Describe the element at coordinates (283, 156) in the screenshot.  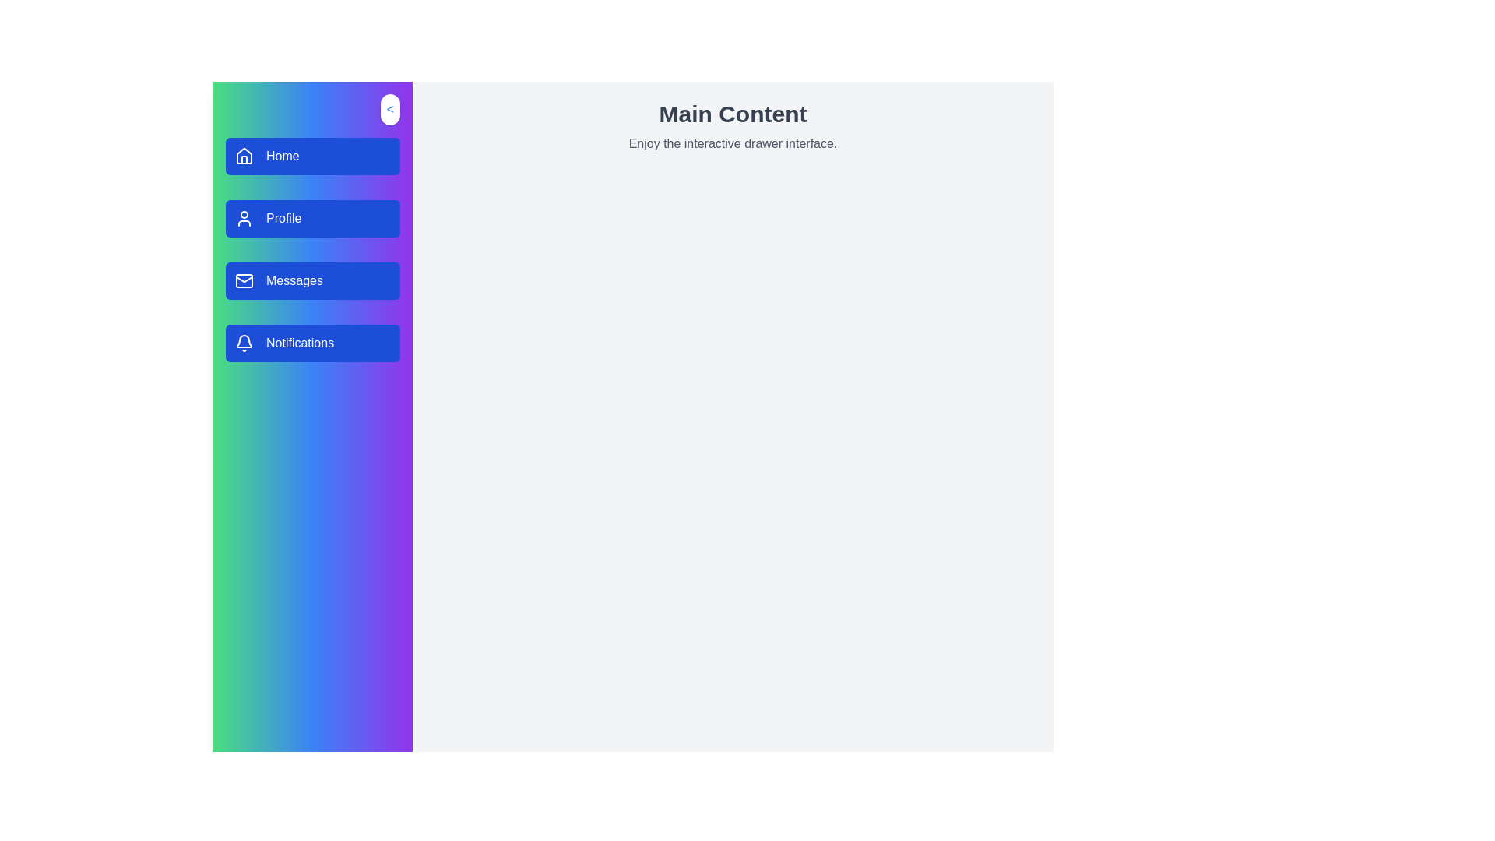
I see `text of the 'Home' label located in the first button of the vertical navigation menu on the left side, next to the house-shaped icon` at that location.